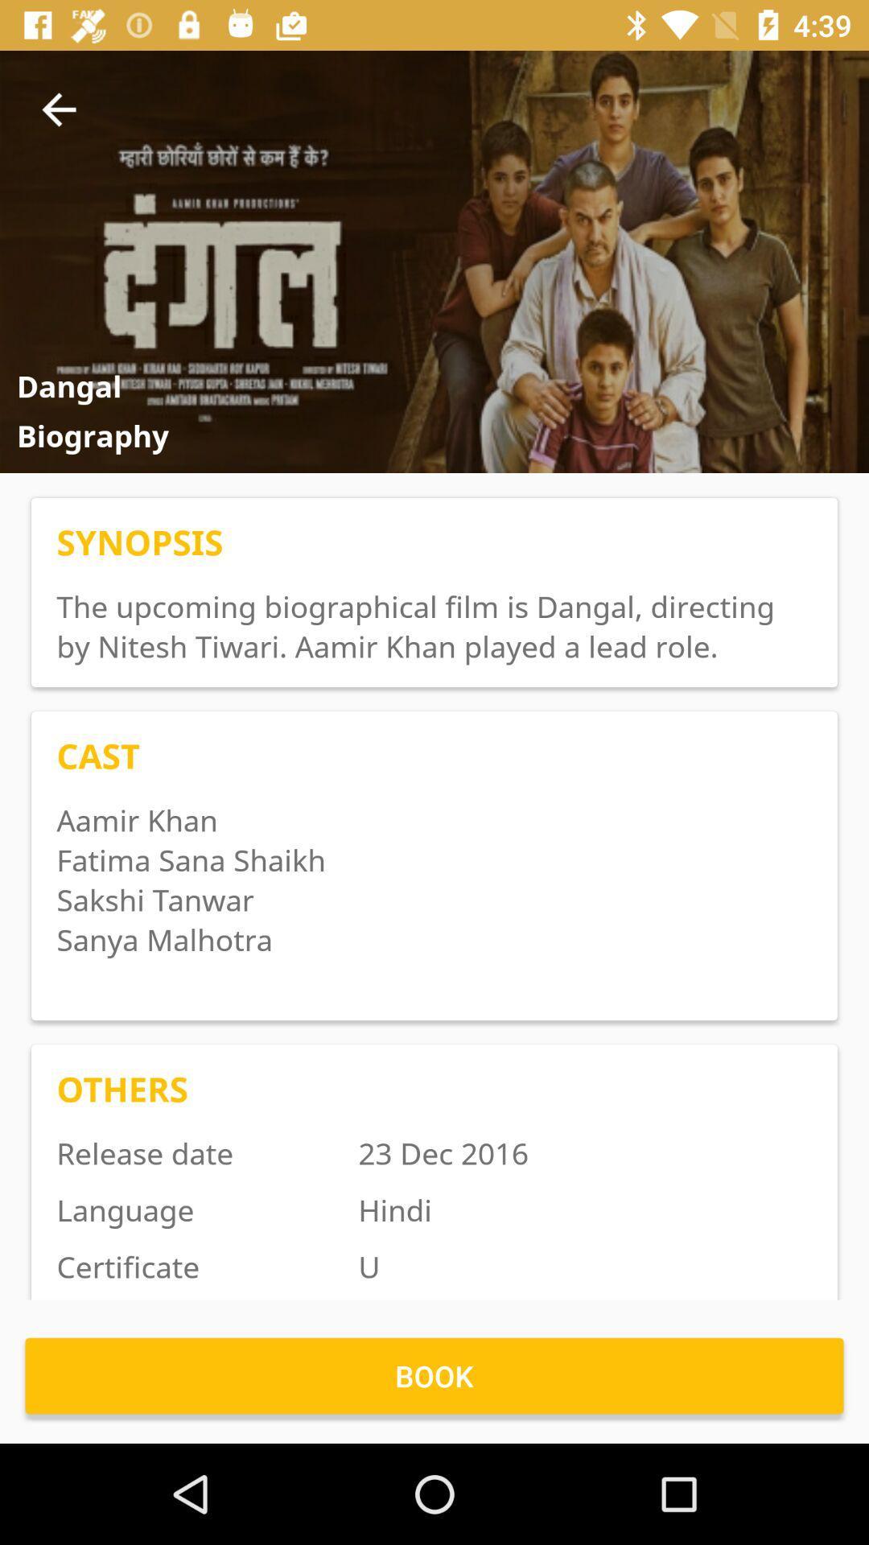 The height and width of the screenshot is (1545, 869). What do you see at coordinates (58, 109) in the screenshot?
I see `the item next to   item` at bounding box center [58, 109].